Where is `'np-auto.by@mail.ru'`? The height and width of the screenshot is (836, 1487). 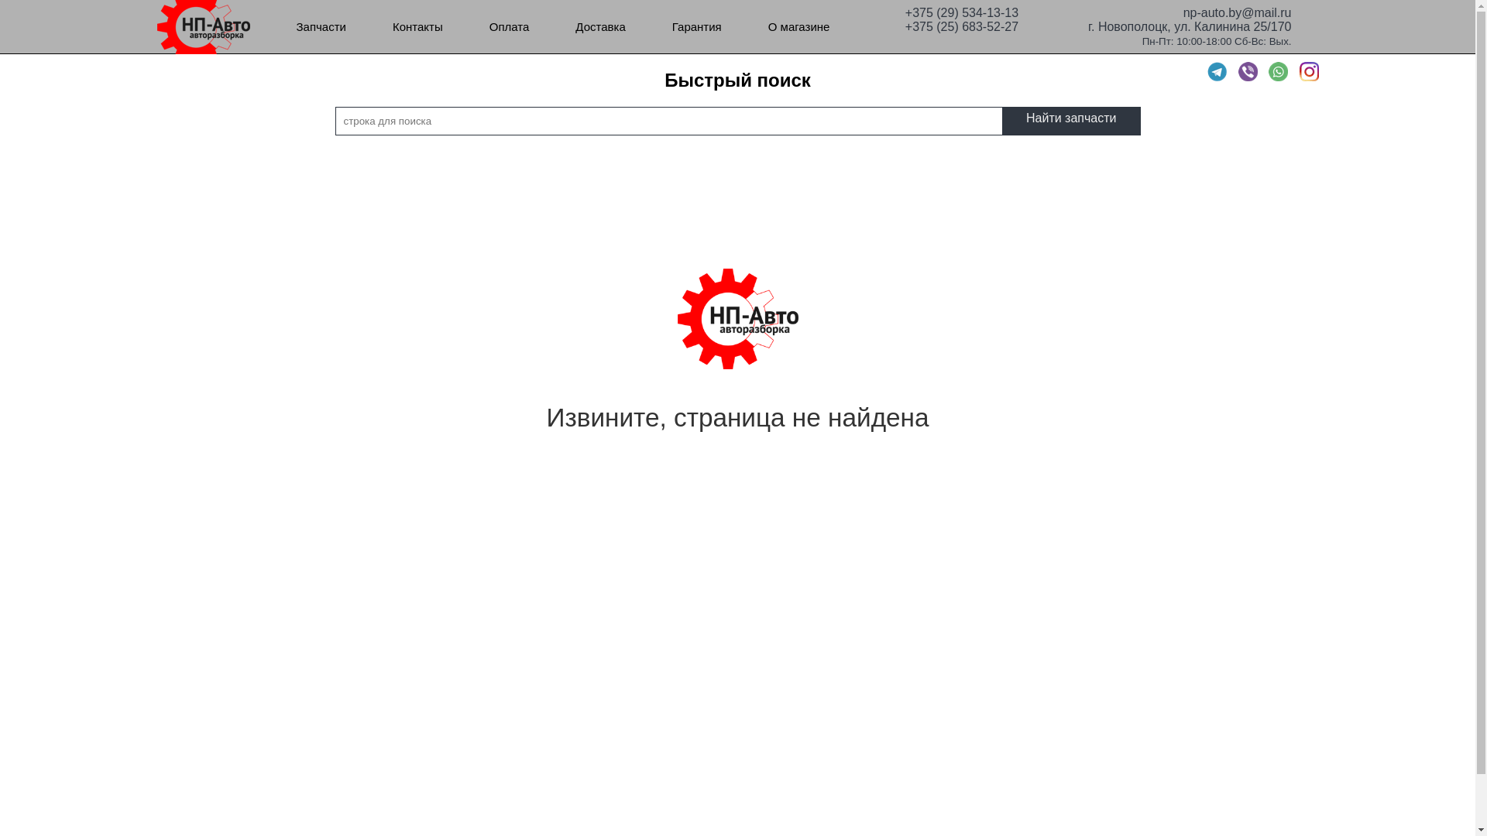 'np-auto.by@mail.ru' is located at coordinates (1189, 11).